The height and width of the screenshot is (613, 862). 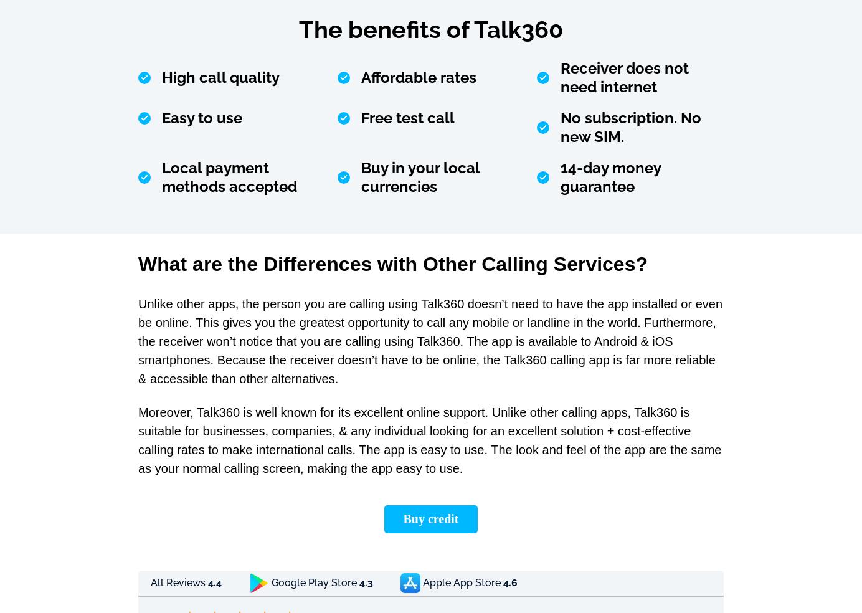 I want to click on 'All Reviews', so click(x=179, y=582).